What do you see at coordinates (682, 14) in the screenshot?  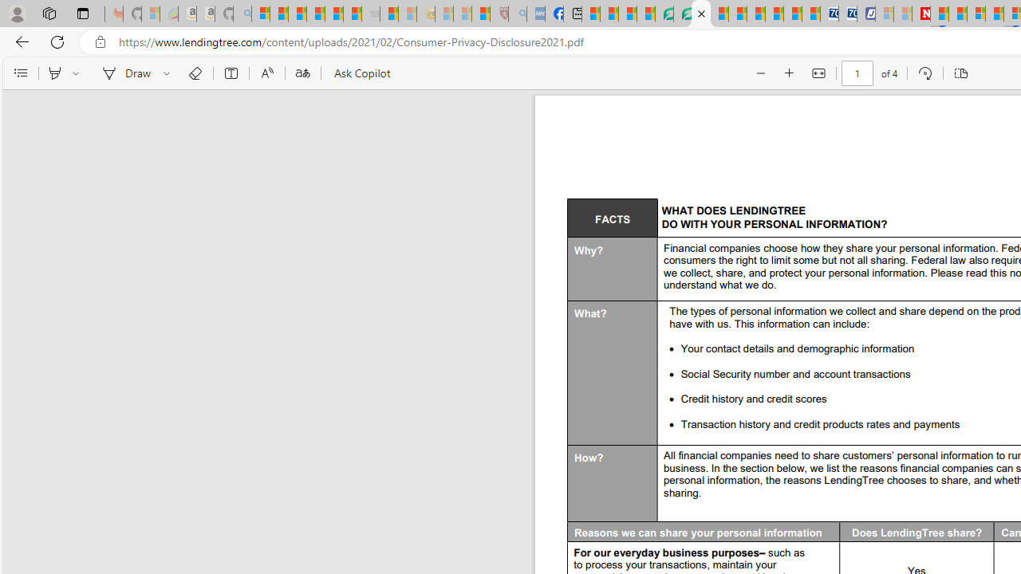 I see `'Terms of Use Agreement'` at bounding box center [682, 14].